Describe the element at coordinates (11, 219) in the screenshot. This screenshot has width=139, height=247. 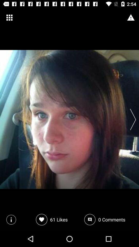
I see `the info icon` at that location.